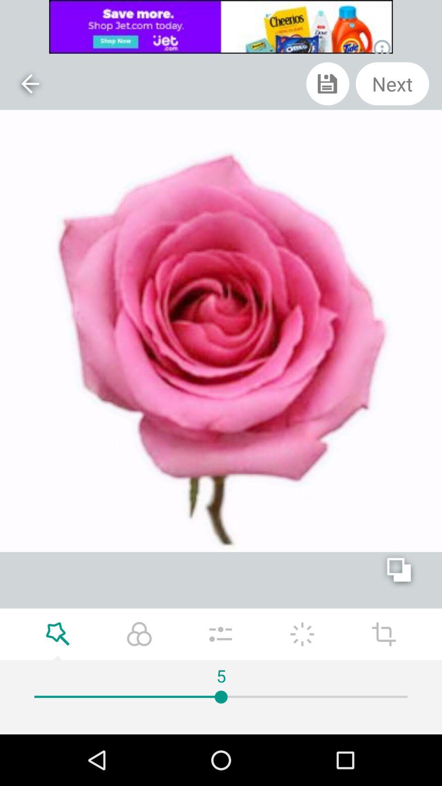 The image size is (442, 786). Describe the element at coordinates (384, 634) in the screenshot. I see `first button which is at bottom right corner of the page` at that location.